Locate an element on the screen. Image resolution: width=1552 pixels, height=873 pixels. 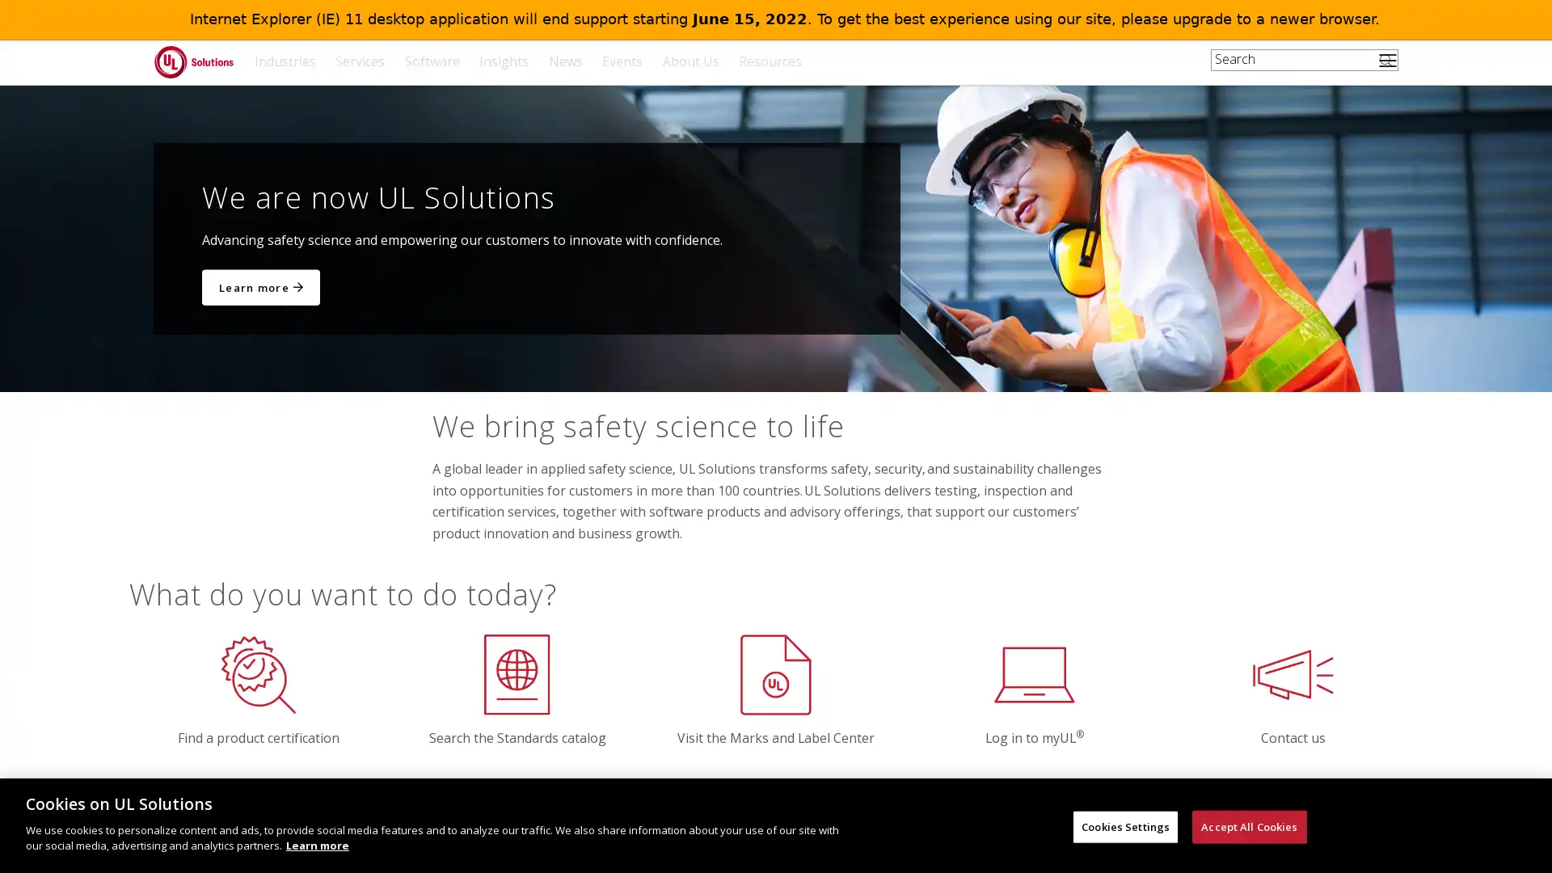
Cookies Settings is located at coordinates (1124, 826).